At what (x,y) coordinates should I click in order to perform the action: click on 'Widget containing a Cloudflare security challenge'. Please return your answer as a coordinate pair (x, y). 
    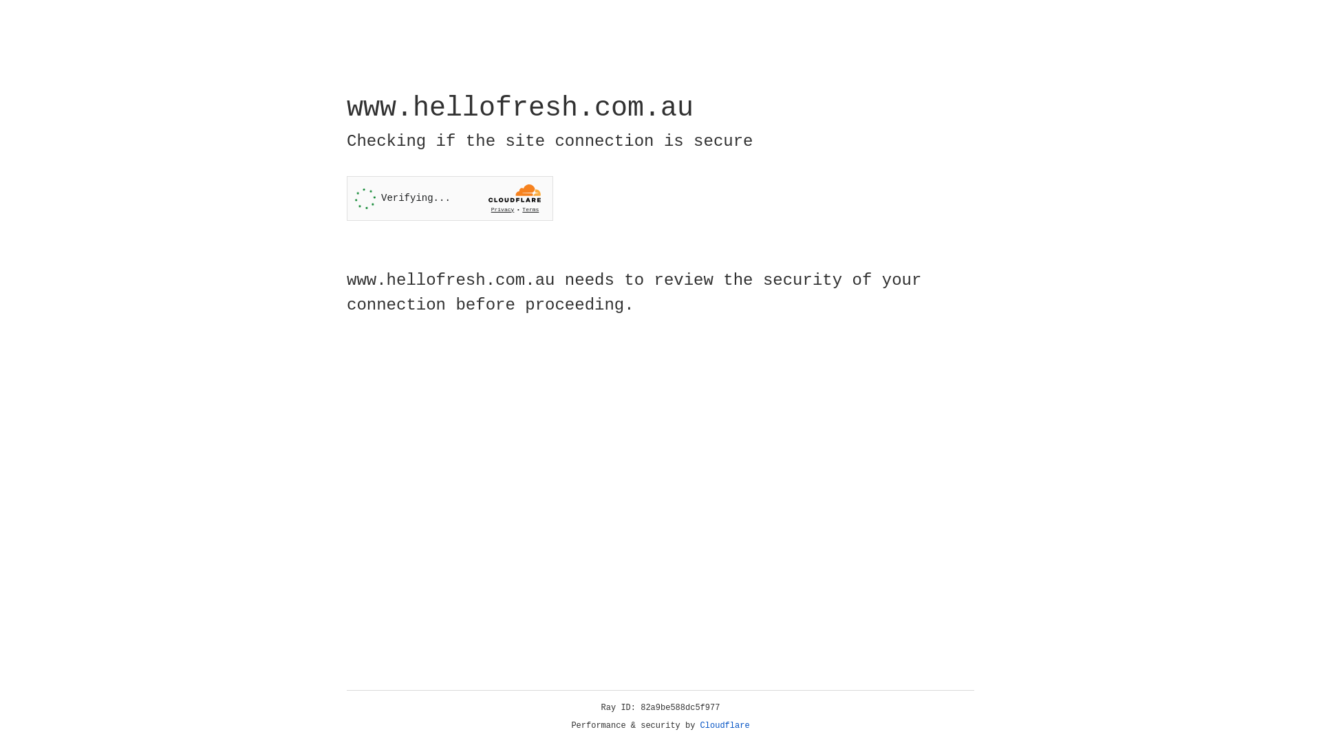
    Looking at the image, I should click on (449, 198).